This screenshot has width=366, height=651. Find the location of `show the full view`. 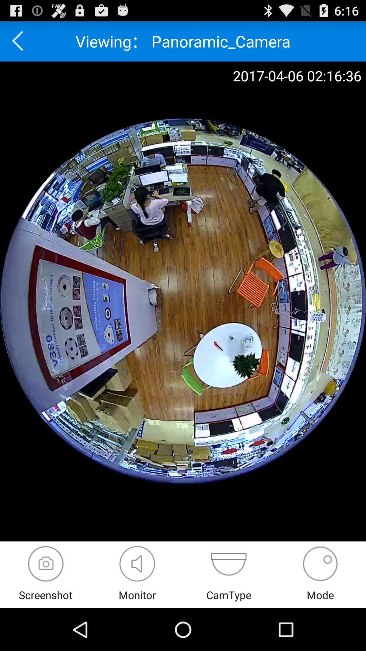

show the full view is located at coordinates (137, 564).